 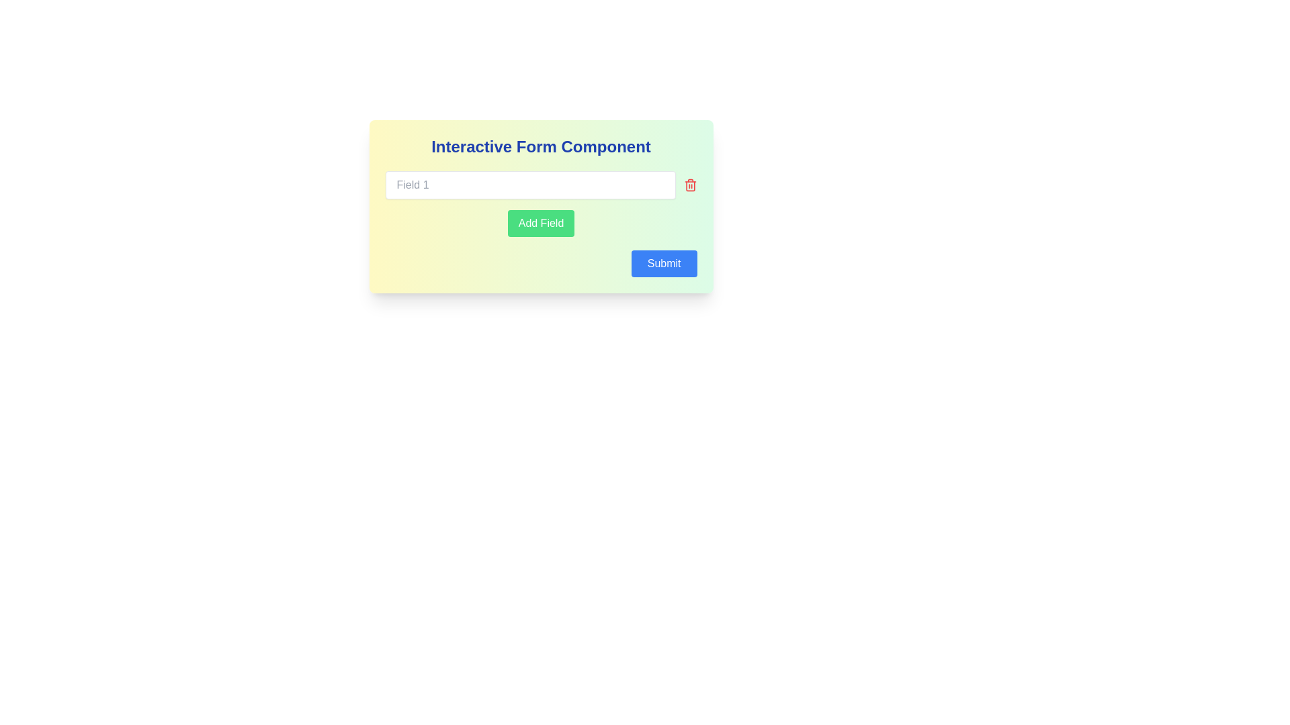 What do you see at coordinates (664, 264) in the screenshot?
I see `the blue rectangular 'Submit' button located in the bottom-right corner of the 'Interactive Form Component' card` at bounding box center [664, 264].